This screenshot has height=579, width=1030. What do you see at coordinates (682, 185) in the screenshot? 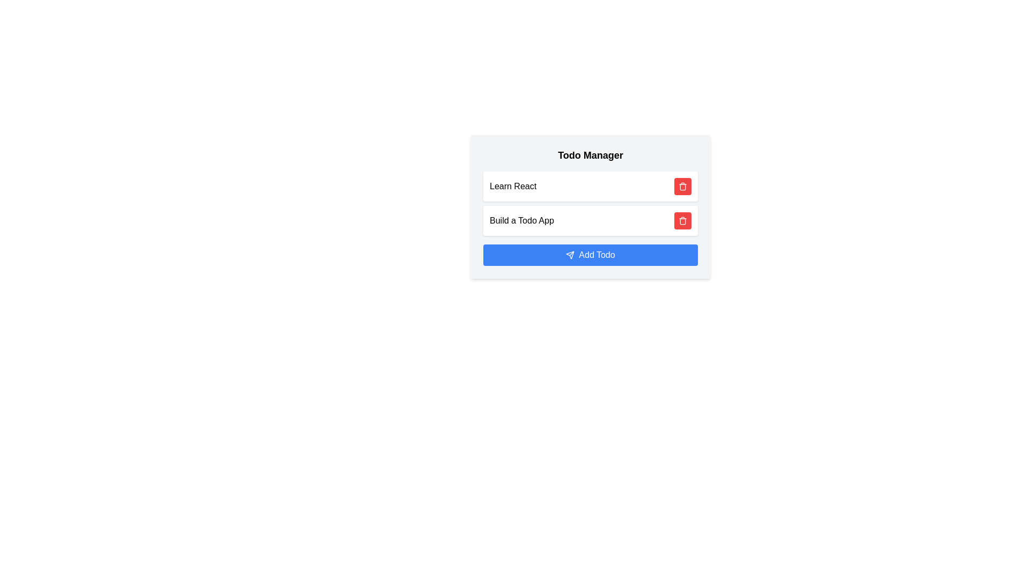
I see `the delete icon located within the button at the far right of the second row in the ToDo Manager, which is styled with a red background and adjacent to the text 'Build a Todo App'` at bounding box center [682, 185].